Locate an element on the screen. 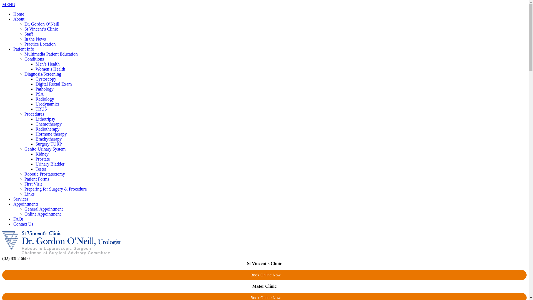  'Multimedia Patient Education' is located at coordinates (51, 54).